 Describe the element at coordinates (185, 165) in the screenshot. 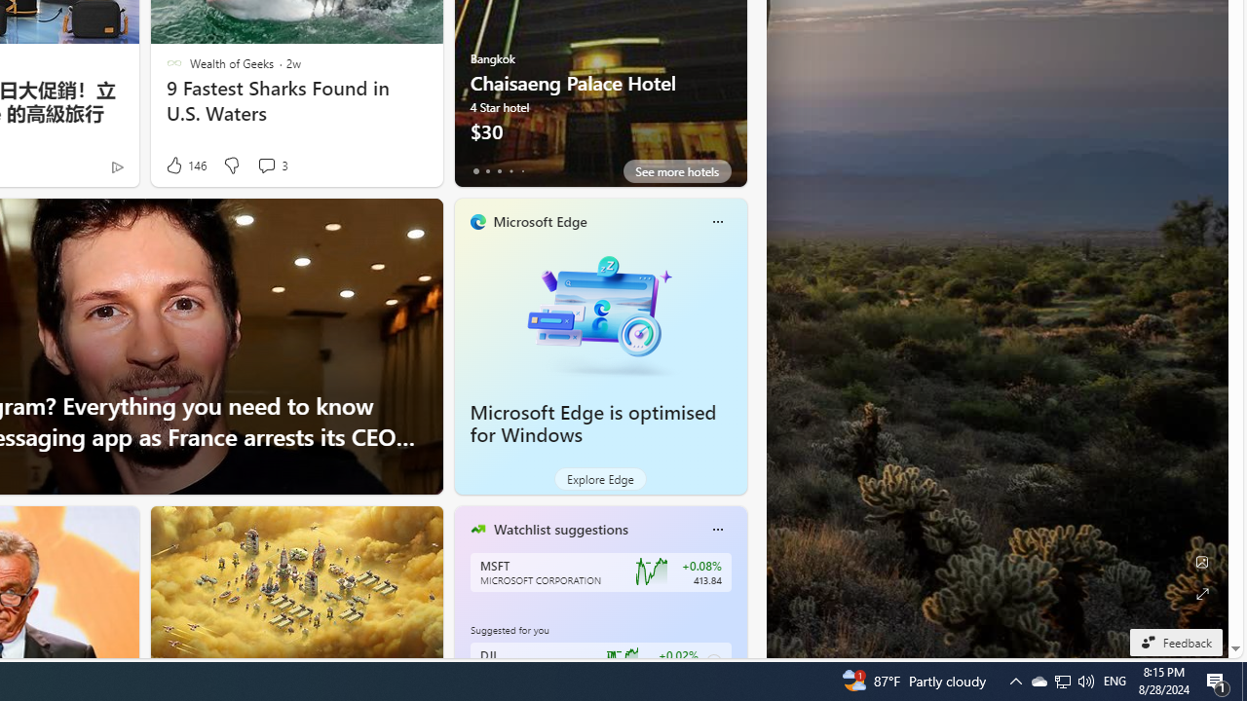

I see `'146 Like'` at that location.